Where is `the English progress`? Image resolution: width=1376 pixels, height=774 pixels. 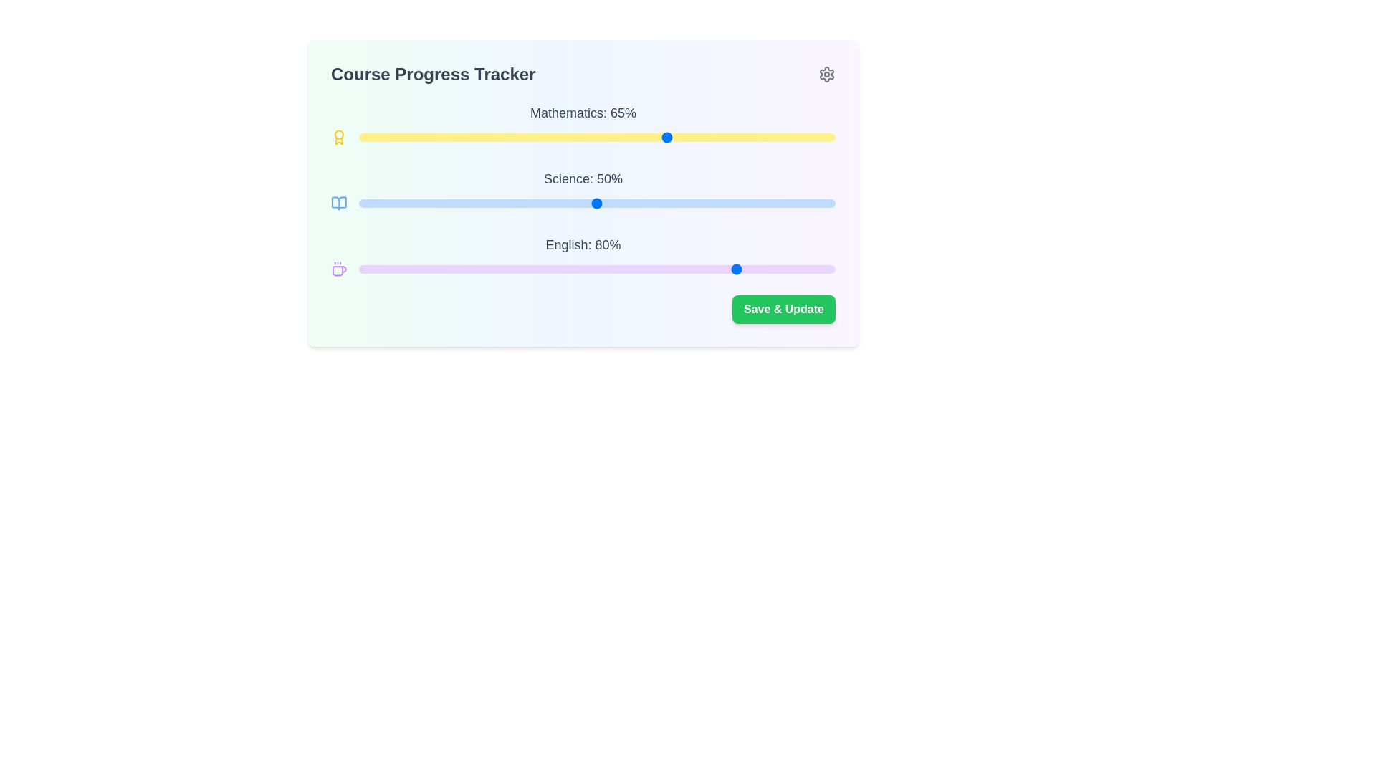
the English progress is located at coordinates (478, 269).